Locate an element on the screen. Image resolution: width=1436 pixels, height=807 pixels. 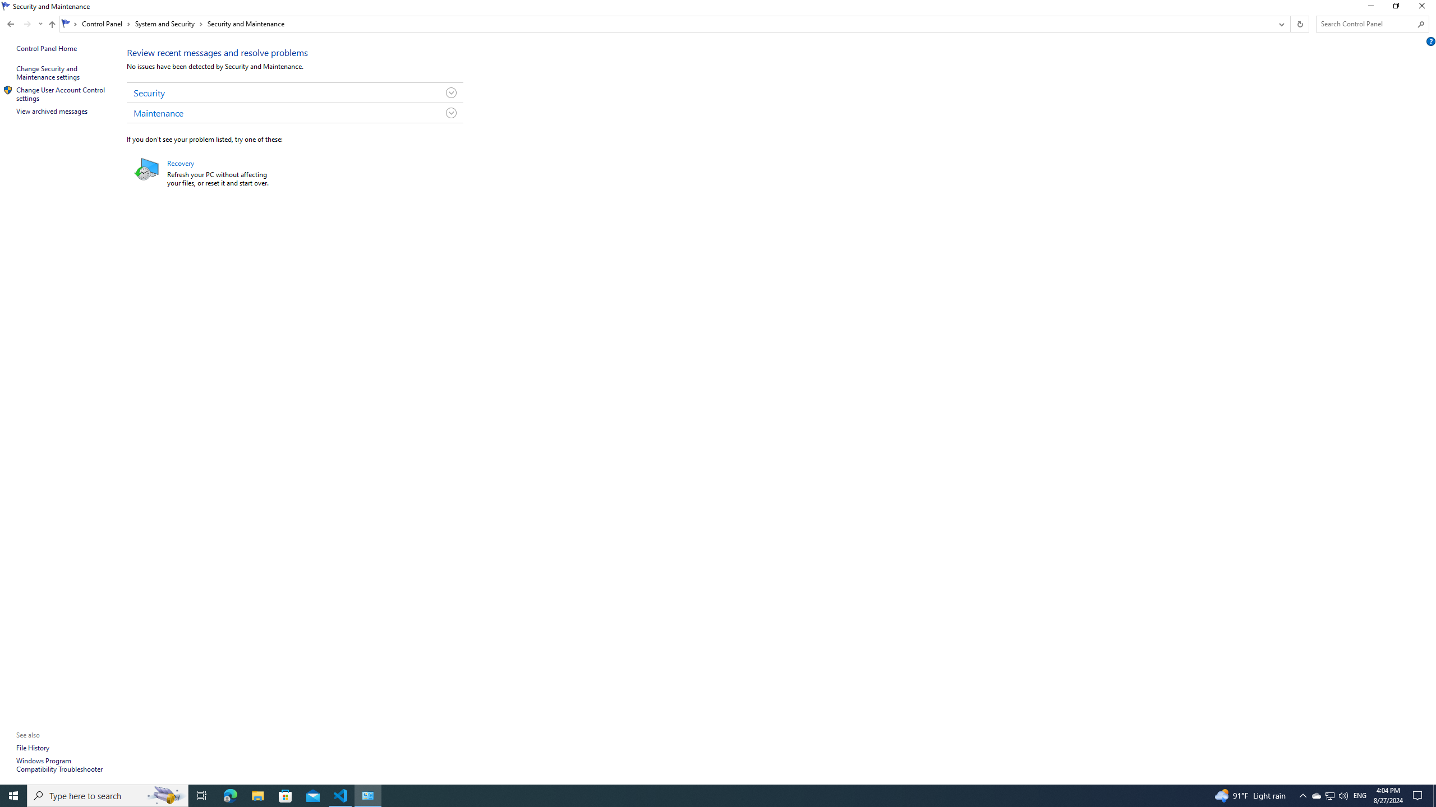
'Change User Account Control settings' is located at coordinates (62, 93).